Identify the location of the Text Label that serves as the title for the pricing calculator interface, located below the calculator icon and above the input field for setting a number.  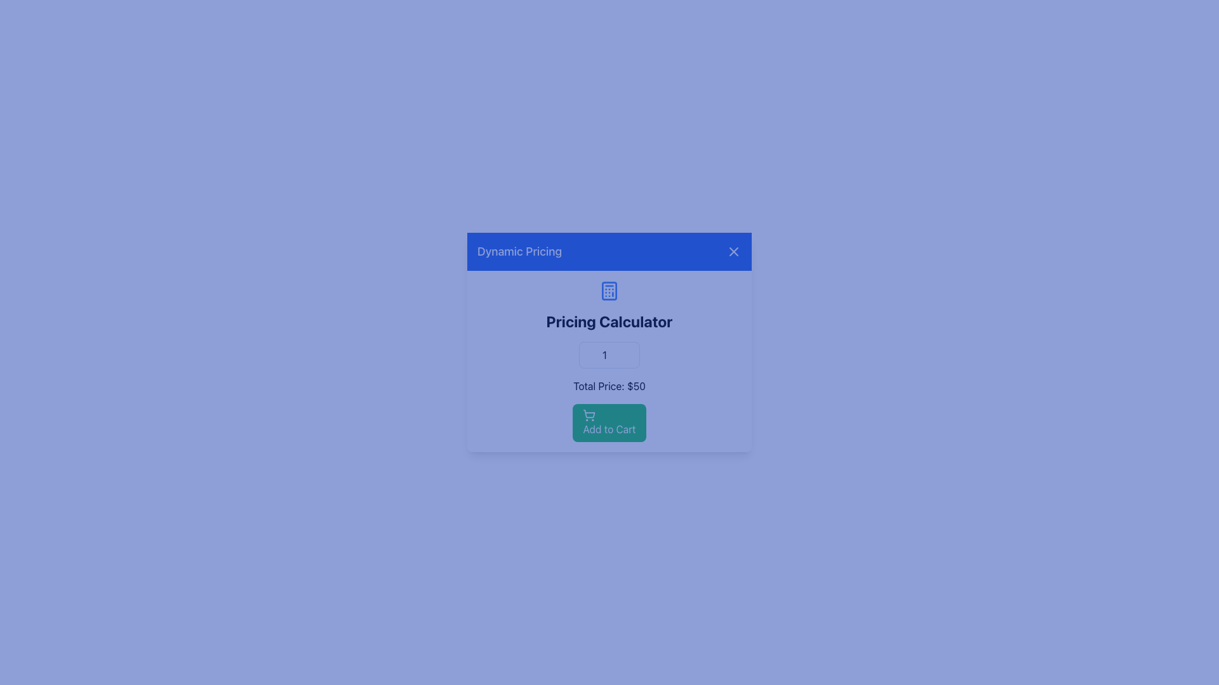
(609, 320).